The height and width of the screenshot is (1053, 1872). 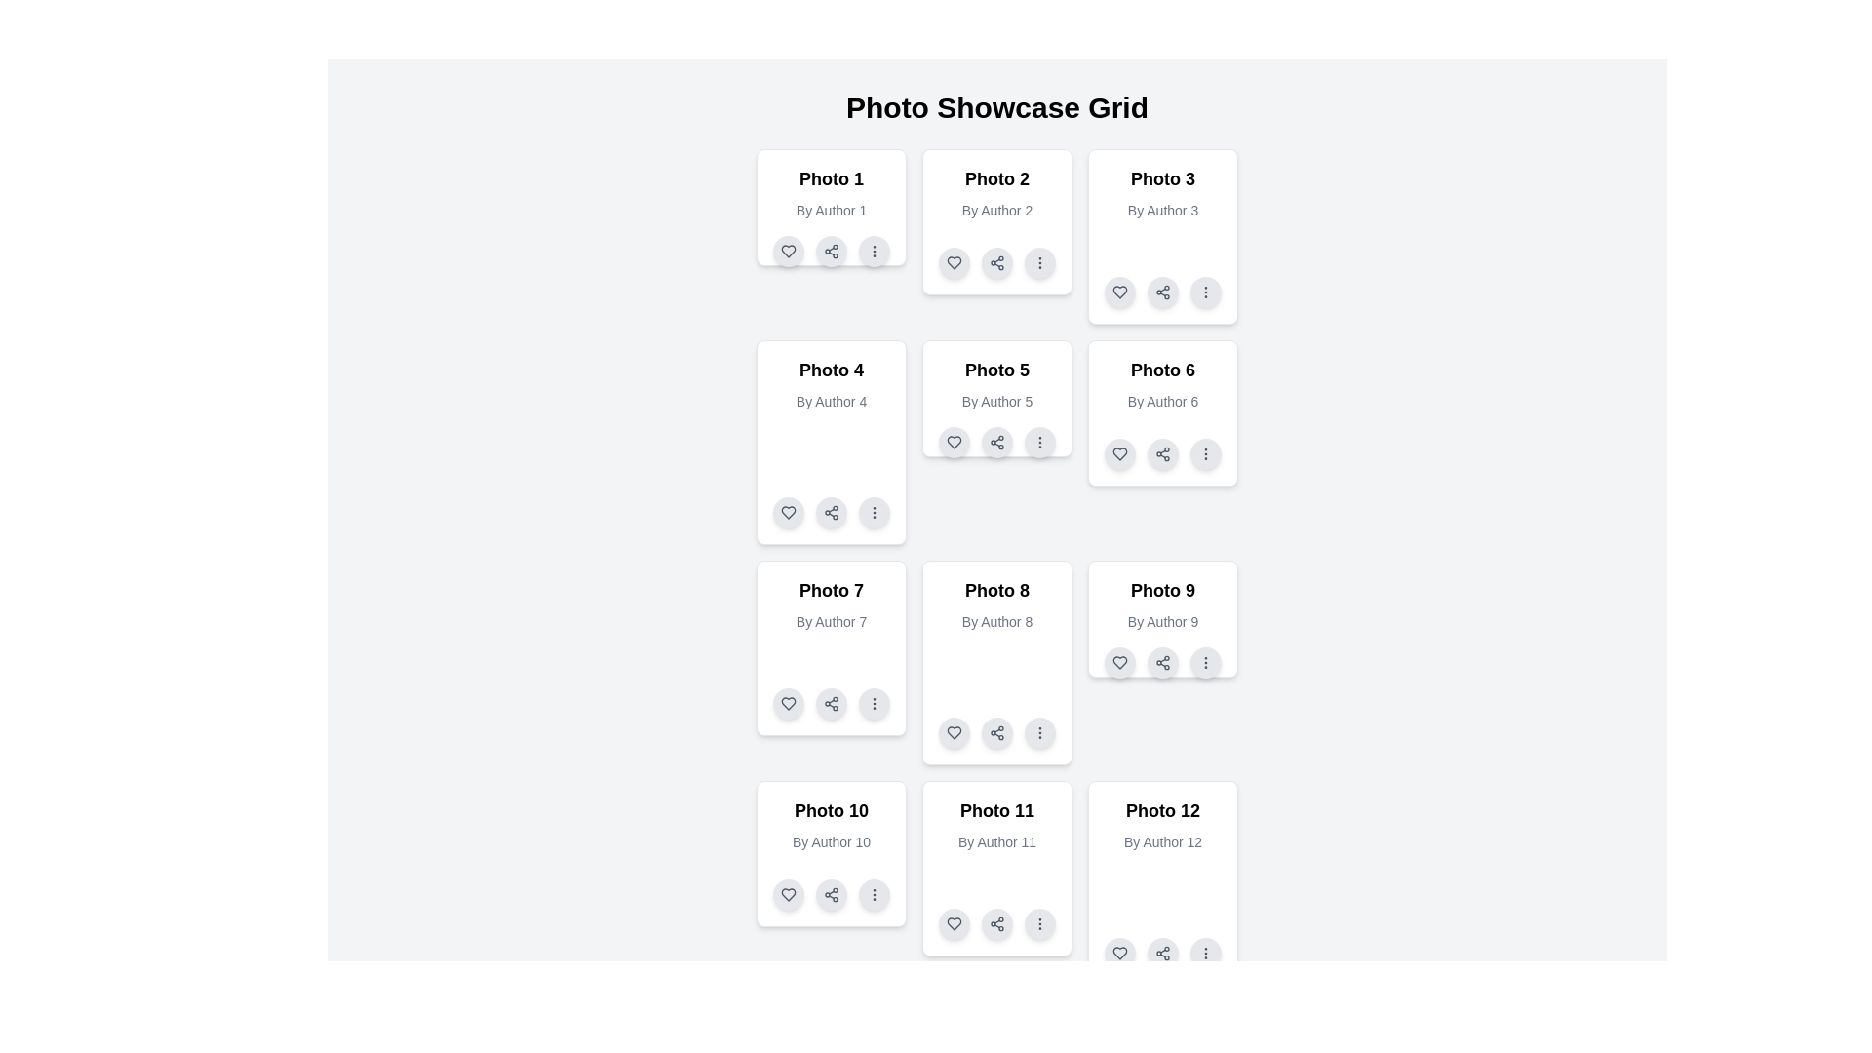 I want to click on the button with an ellipsis icon located at the bottom right corner of the 'Photo 10' card, so click(x=874, y=895).